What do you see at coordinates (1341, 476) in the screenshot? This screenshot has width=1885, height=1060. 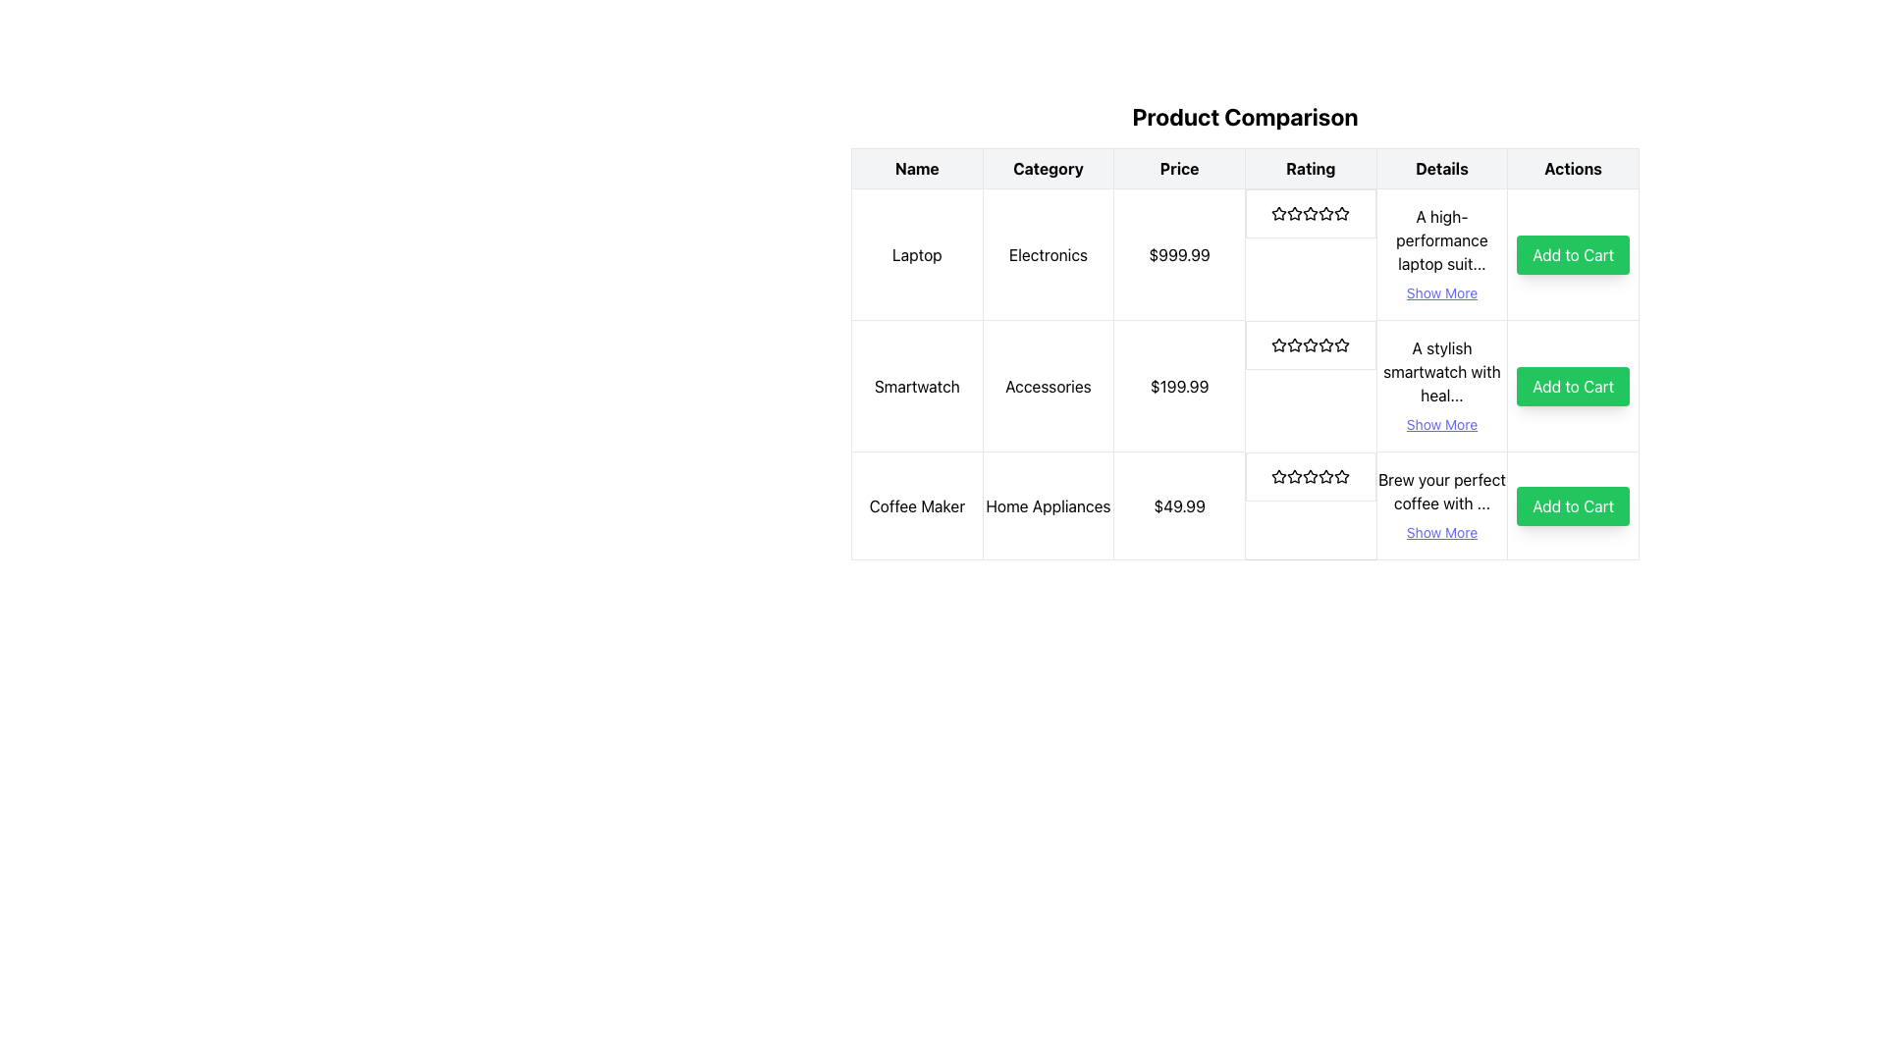 I see `the seventh star in the rating component located within the 'Rating' column of the 'Coffee Maker' row in the product comparison table` at bounding box center [1341, 476].